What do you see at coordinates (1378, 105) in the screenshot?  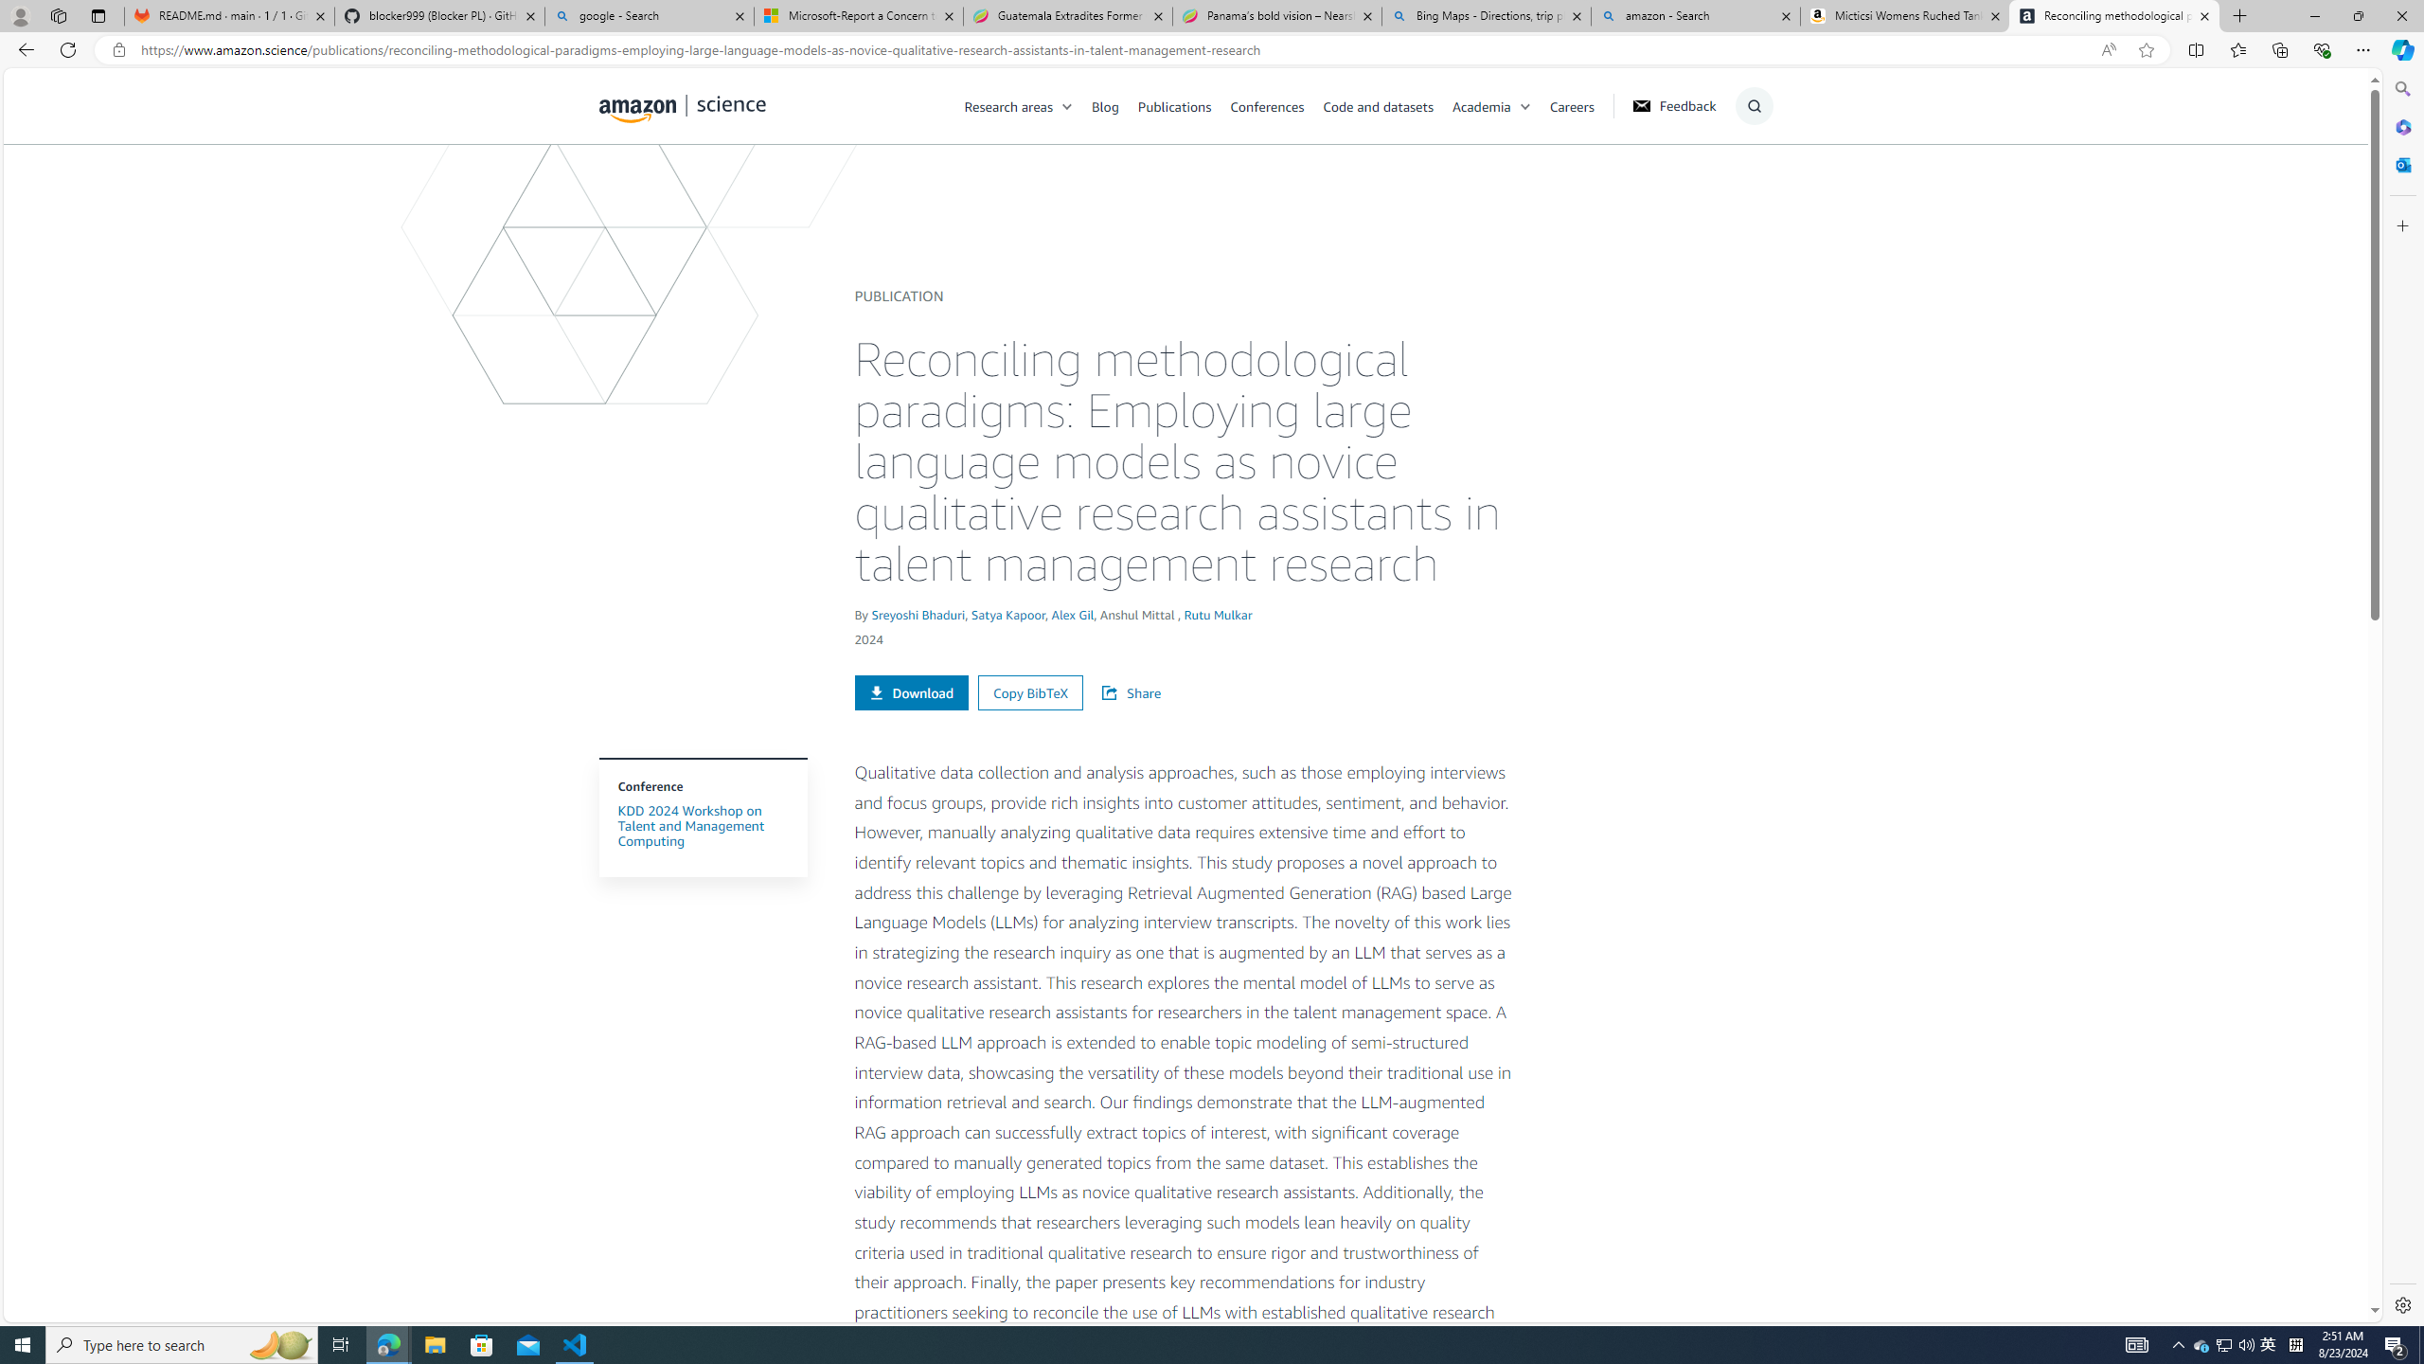 I see `'Code and datasets'` at bounding box center [1378, 105].